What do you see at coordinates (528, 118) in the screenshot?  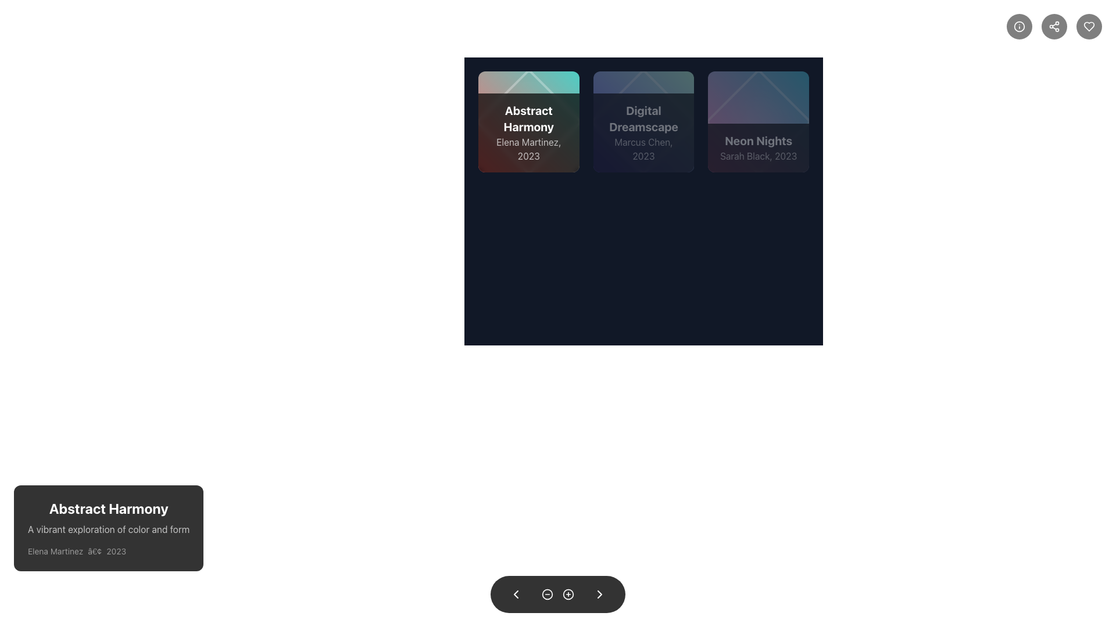 I see `the text label that reads 'Abstract Harmony', styled in bold, white font, located at the upper part of a darker-themed card layout` at bounding box center [528, 118].